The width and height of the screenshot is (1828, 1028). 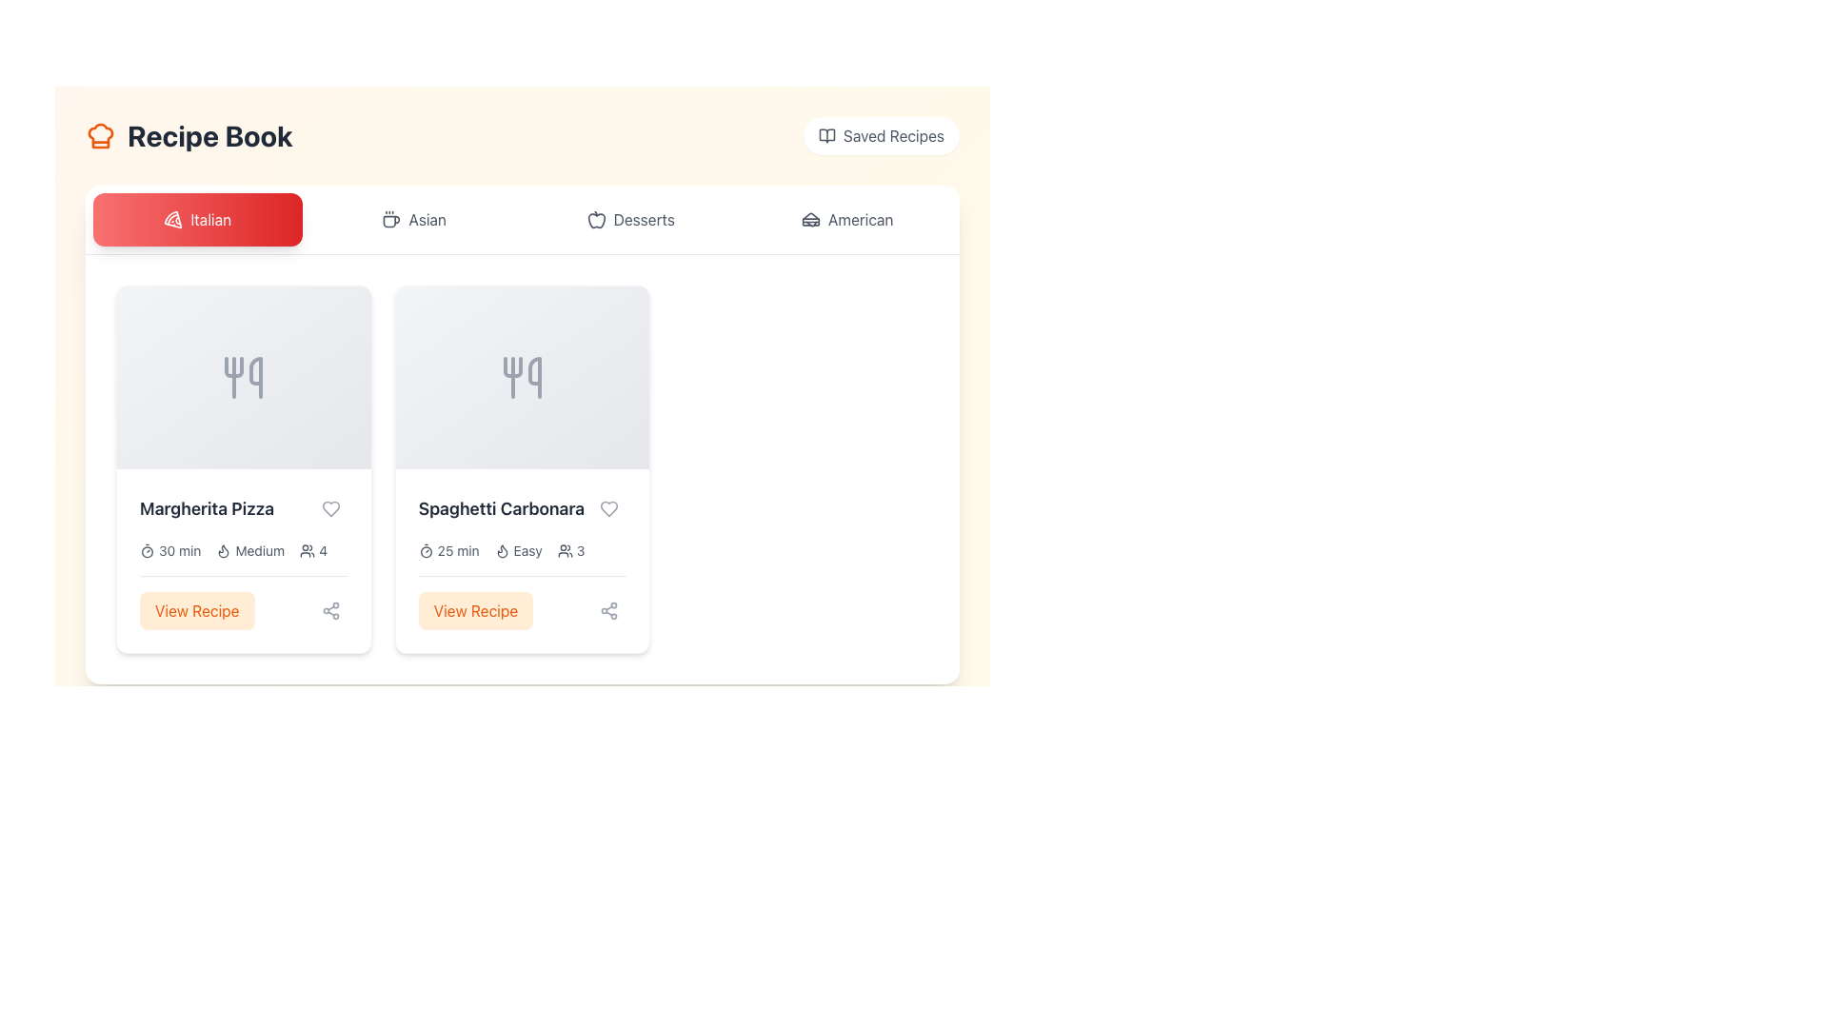 I want to click on the button at the bottom left of the 'Margherita Pizza' recipe card, so click(x=243, y=603).